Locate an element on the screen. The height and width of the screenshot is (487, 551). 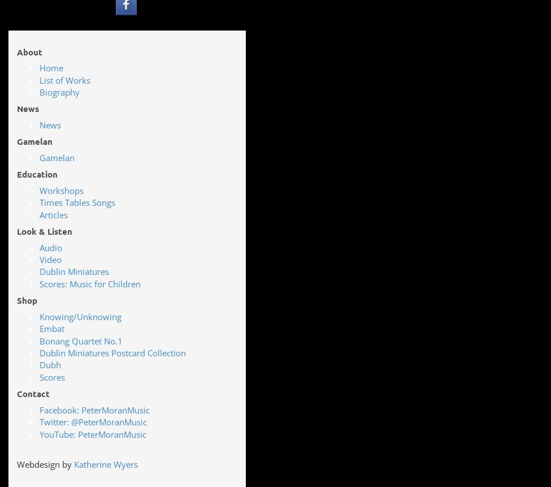
'Bonang Quartet No.1' is located at coordinates (80, 340).